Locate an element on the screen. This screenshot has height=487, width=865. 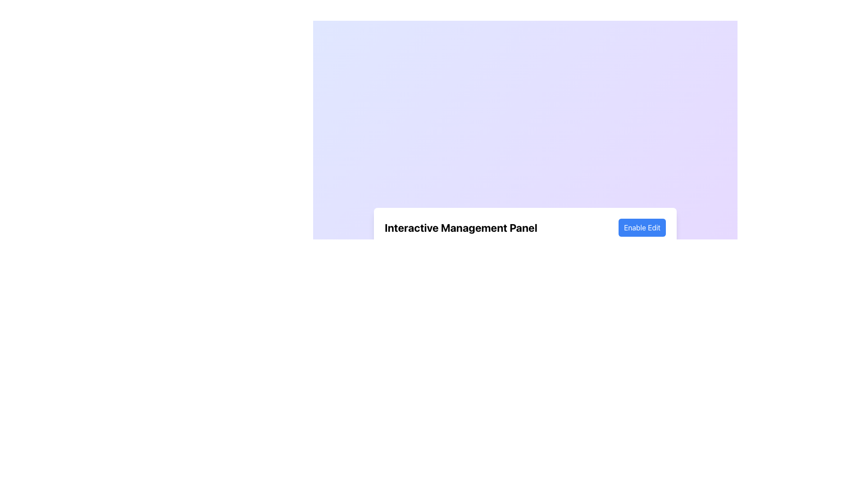
the button labeled 'Enable Edit' with a blue background and white text located at the top-right corner of the 'Interactive Management Panel' to change its background color is located at coordinates (642, 227).